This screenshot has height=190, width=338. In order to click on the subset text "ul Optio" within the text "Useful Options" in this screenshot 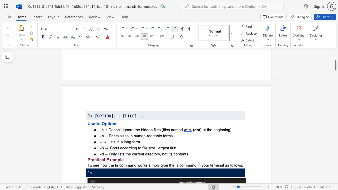, I will do `click(97, 123)`.